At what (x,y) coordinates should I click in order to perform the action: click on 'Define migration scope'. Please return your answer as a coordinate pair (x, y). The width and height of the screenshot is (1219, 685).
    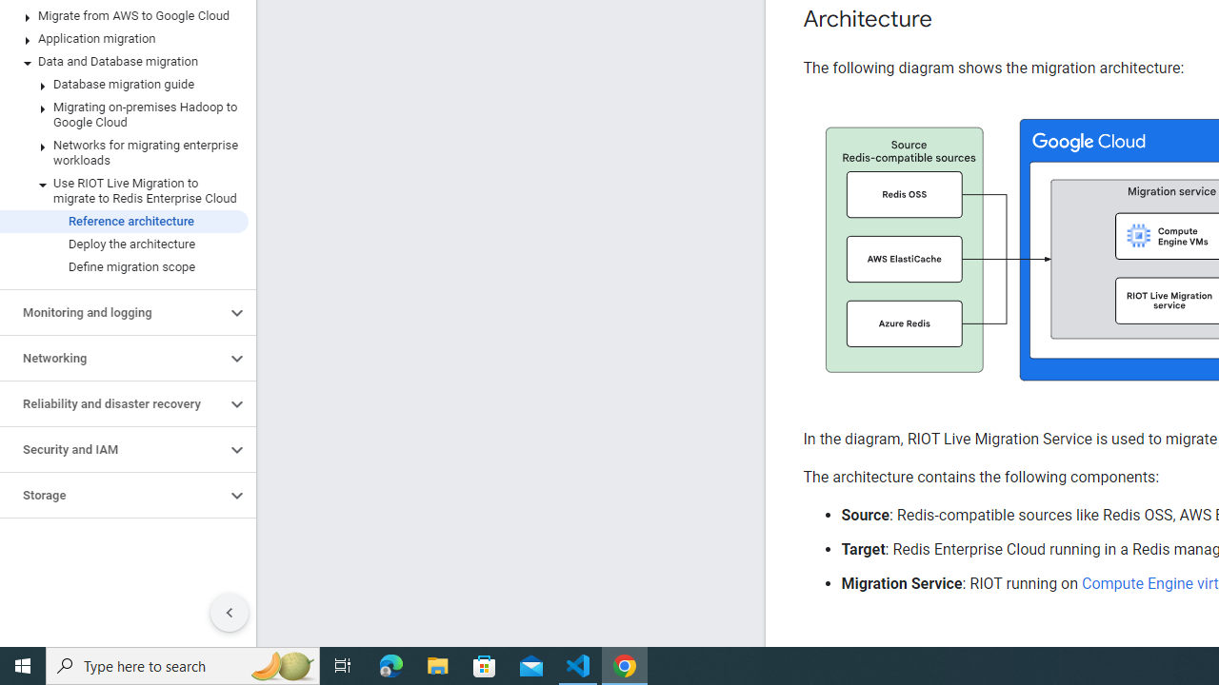
    Looking at the image, I should click on (123, 267).